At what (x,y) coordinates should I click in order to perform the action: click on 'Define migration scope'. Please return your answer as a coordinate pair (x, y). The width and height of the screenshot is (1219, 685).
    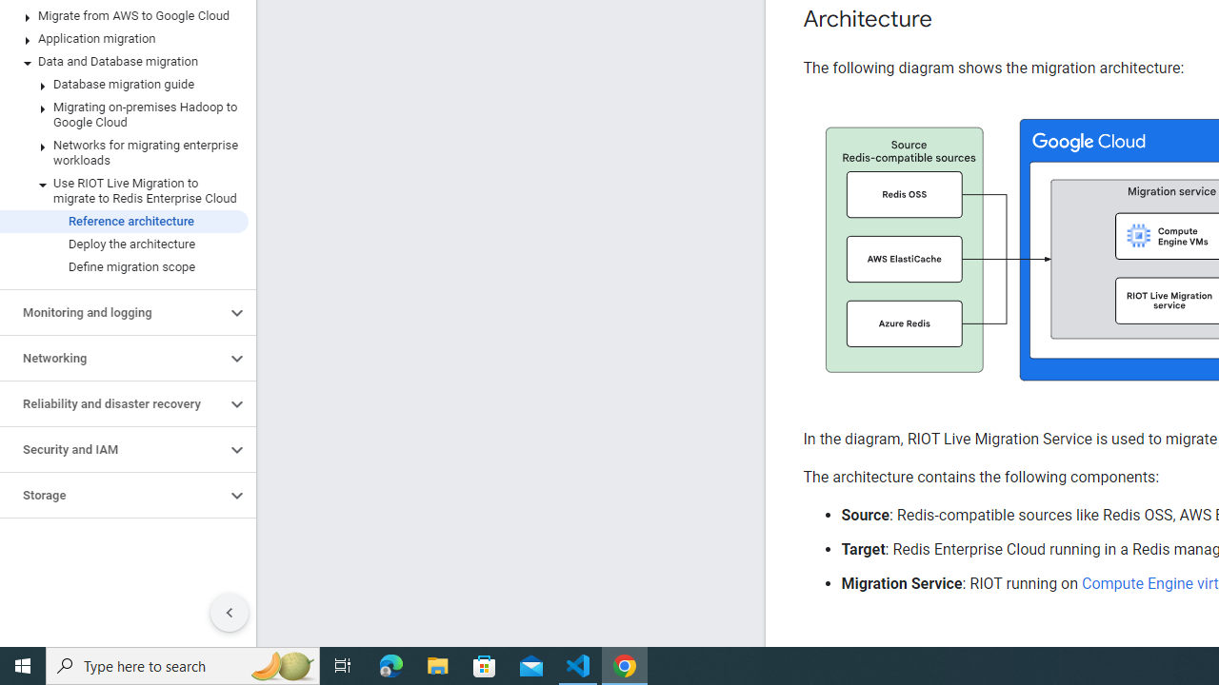
    Looking at the image, I should click on (123, 267).